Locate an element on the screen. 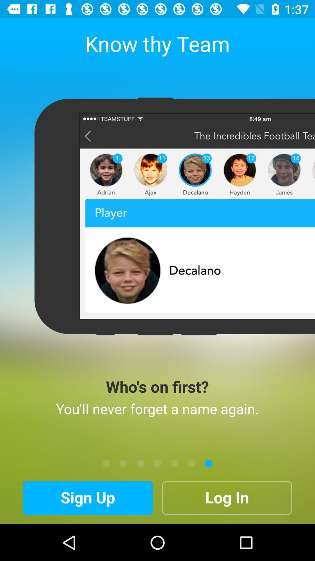  icon above sign up is located at coordinates (123, 463).